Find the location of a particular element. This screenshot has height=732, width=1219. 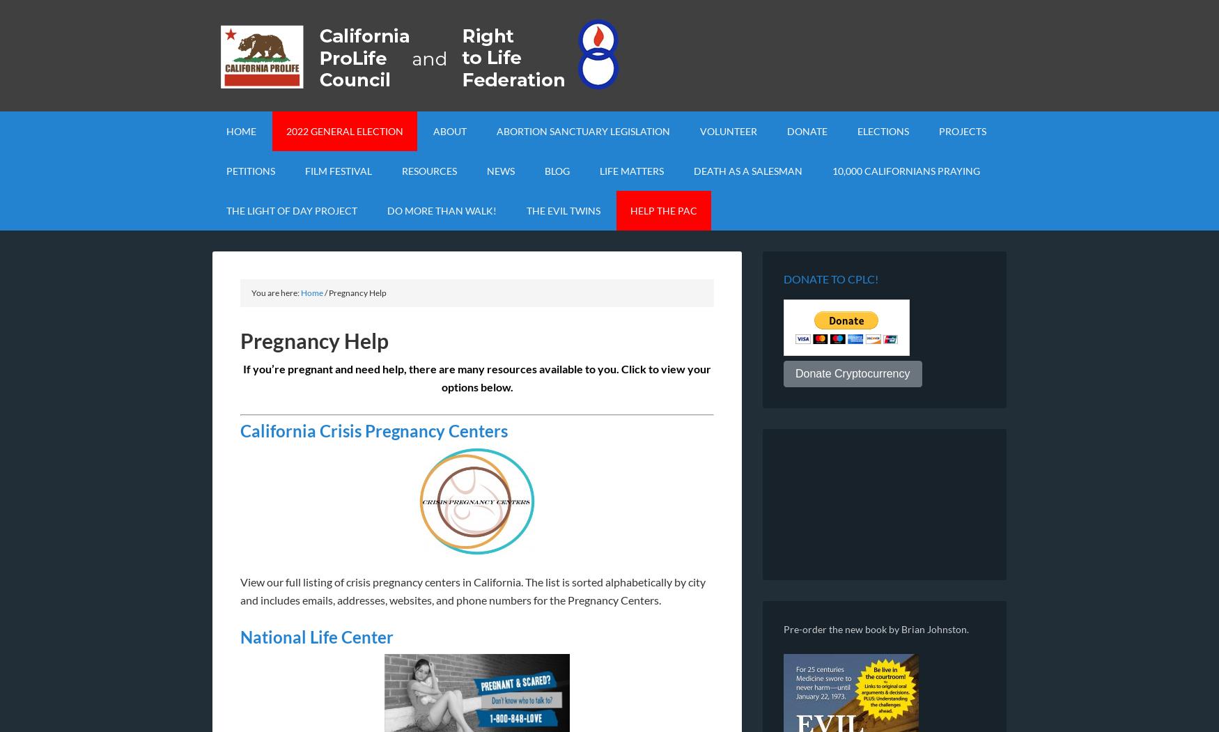

'Film Festival' is located at coordinates (338, 171).